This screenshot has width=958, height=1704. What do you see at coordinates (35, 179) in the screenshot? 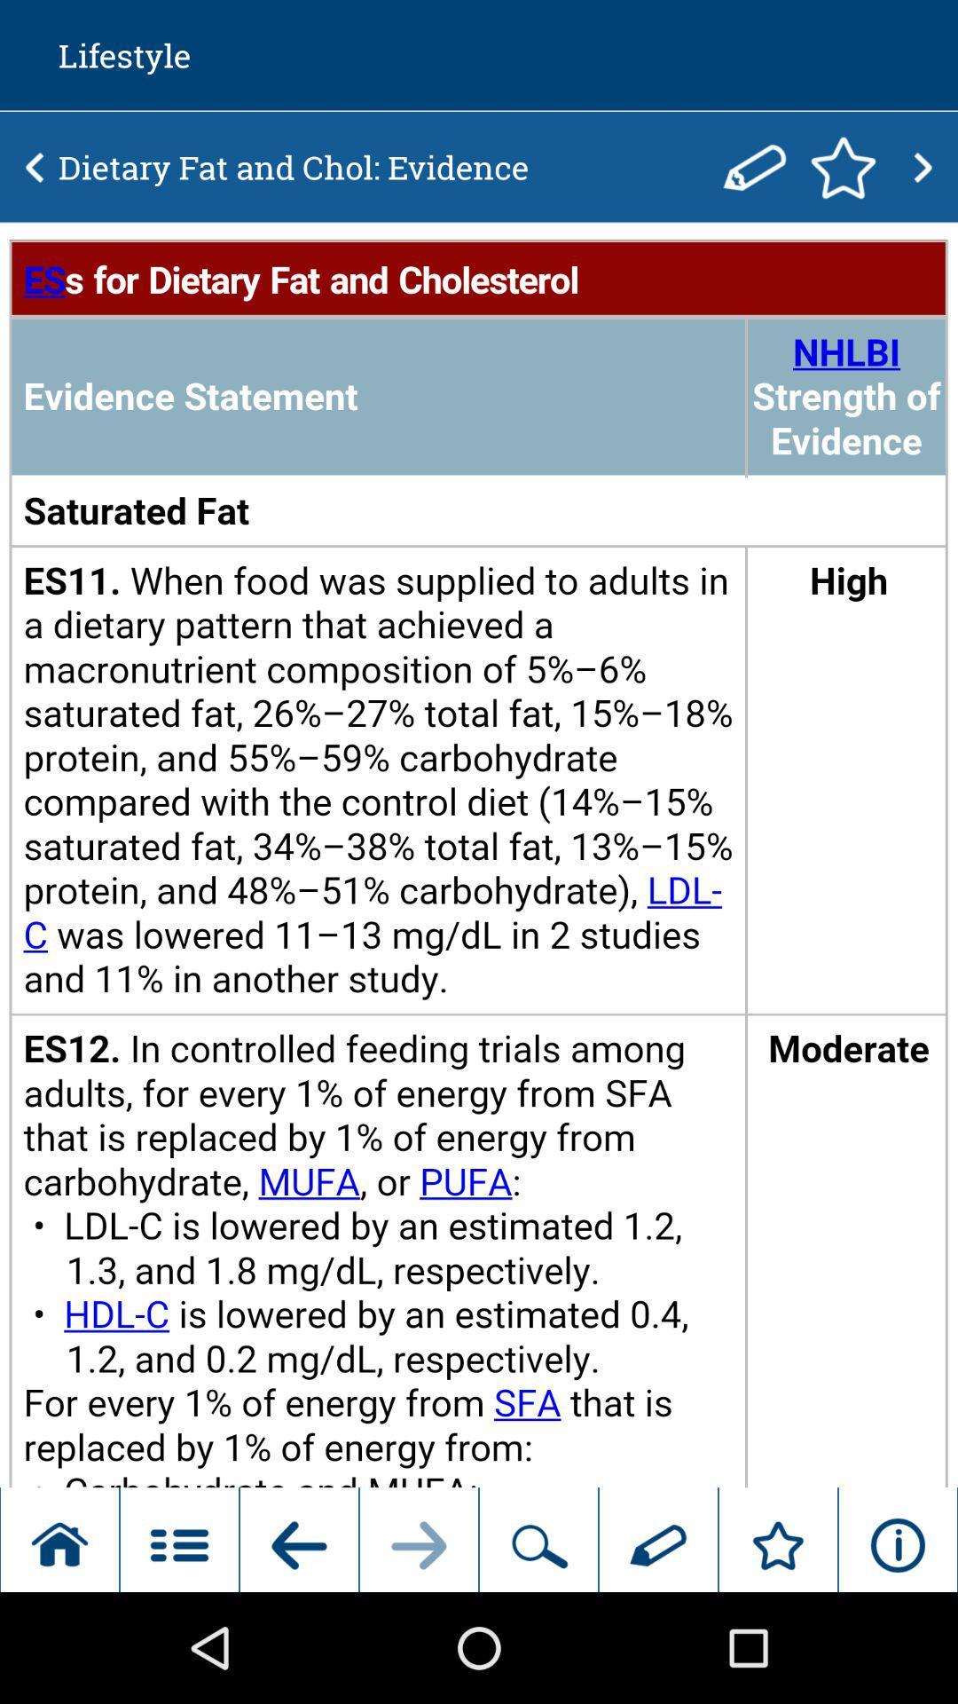
I see `the arrow_backward icon` at bounding box center [35, 179].